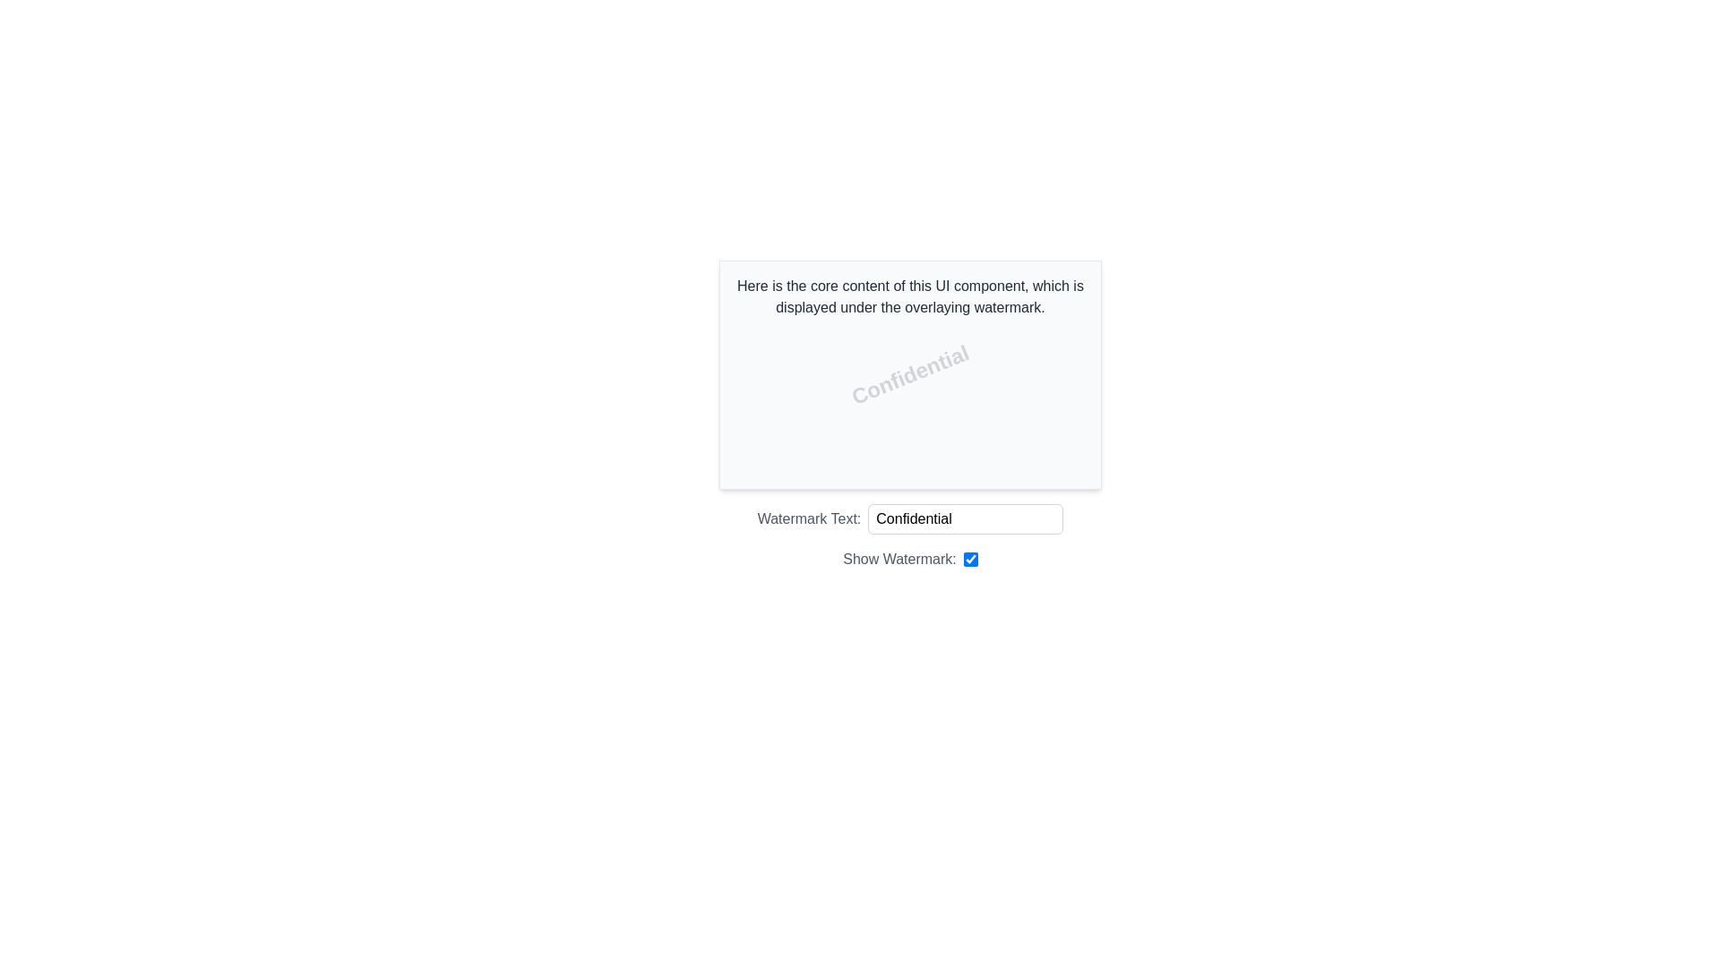 The image size is (1720, 967). What do you see at coordinates (969, 558) in the screenshot?
I see `the checkbox near the bottom of the page` at bounding box center [969, 558].